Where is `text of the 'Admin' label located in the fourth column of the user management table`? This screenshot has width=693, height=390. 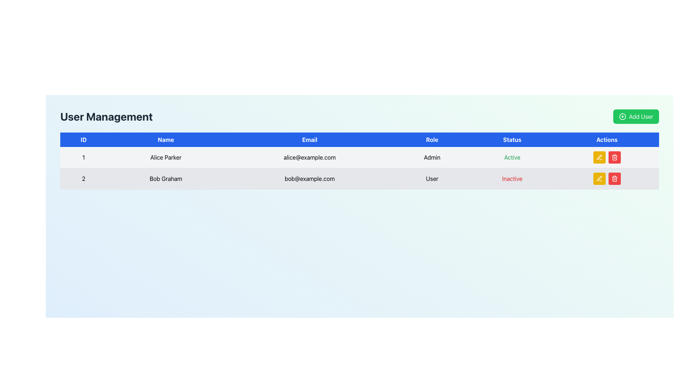
text of the 'Admin' label located in the fourth column of the user management table is located at coordinates (432, 157).